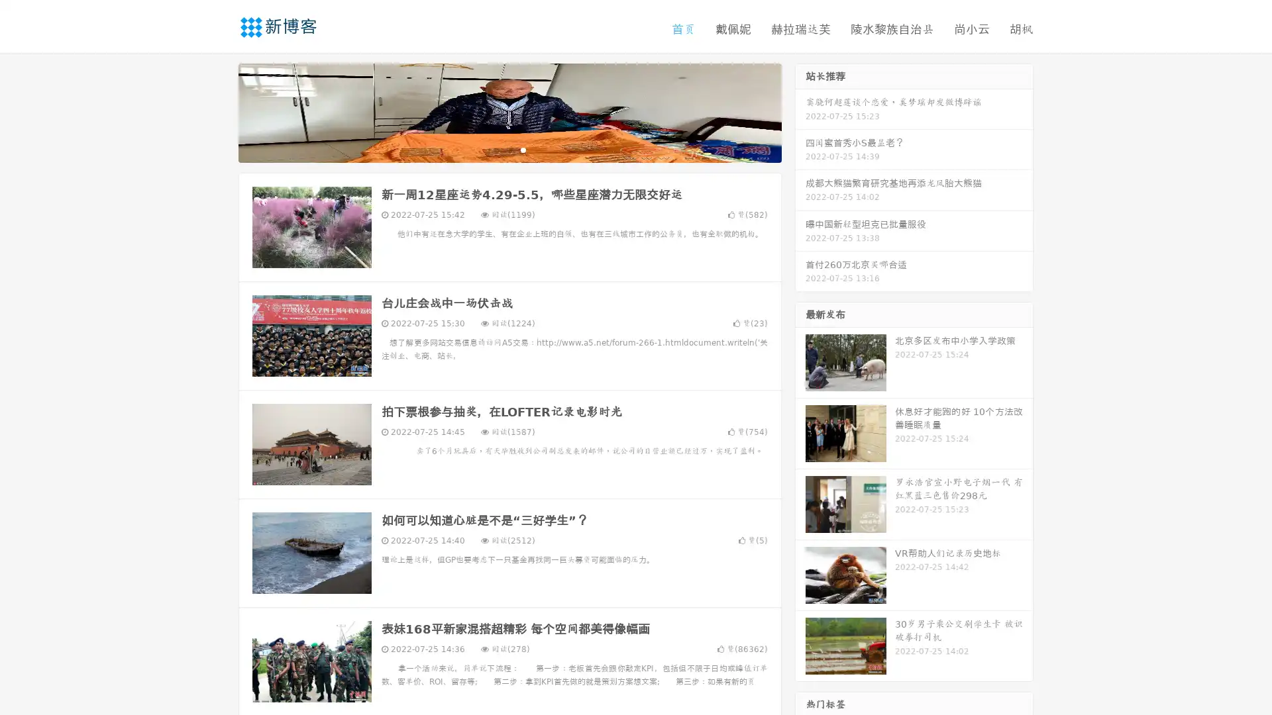 Image resolution: width=1272 pixels, height=715 pixels. What do you see at coordinates (219, 111) in the screenshot?
I see `Previous slide` at bounding box center [219, 111].